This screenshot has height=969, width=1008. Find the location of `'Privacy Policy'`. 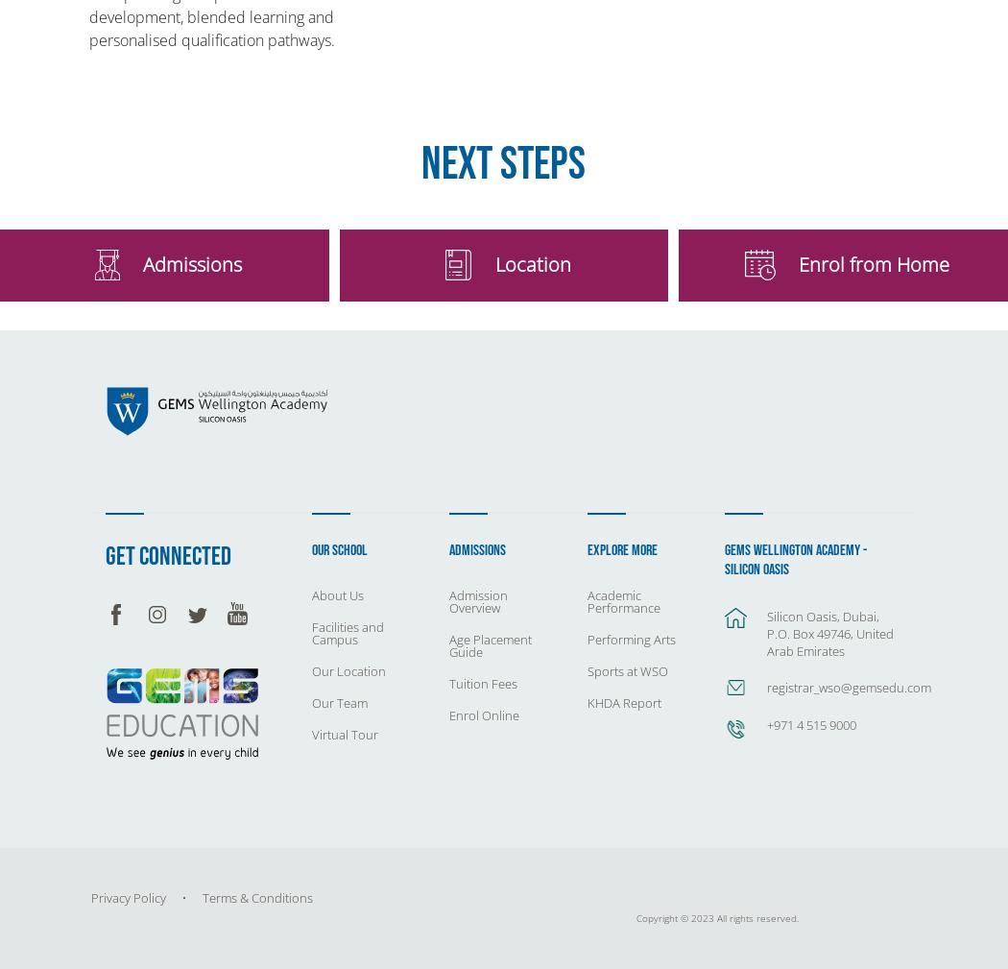

'Privacy Policy' is located at coordinates (127, 897).